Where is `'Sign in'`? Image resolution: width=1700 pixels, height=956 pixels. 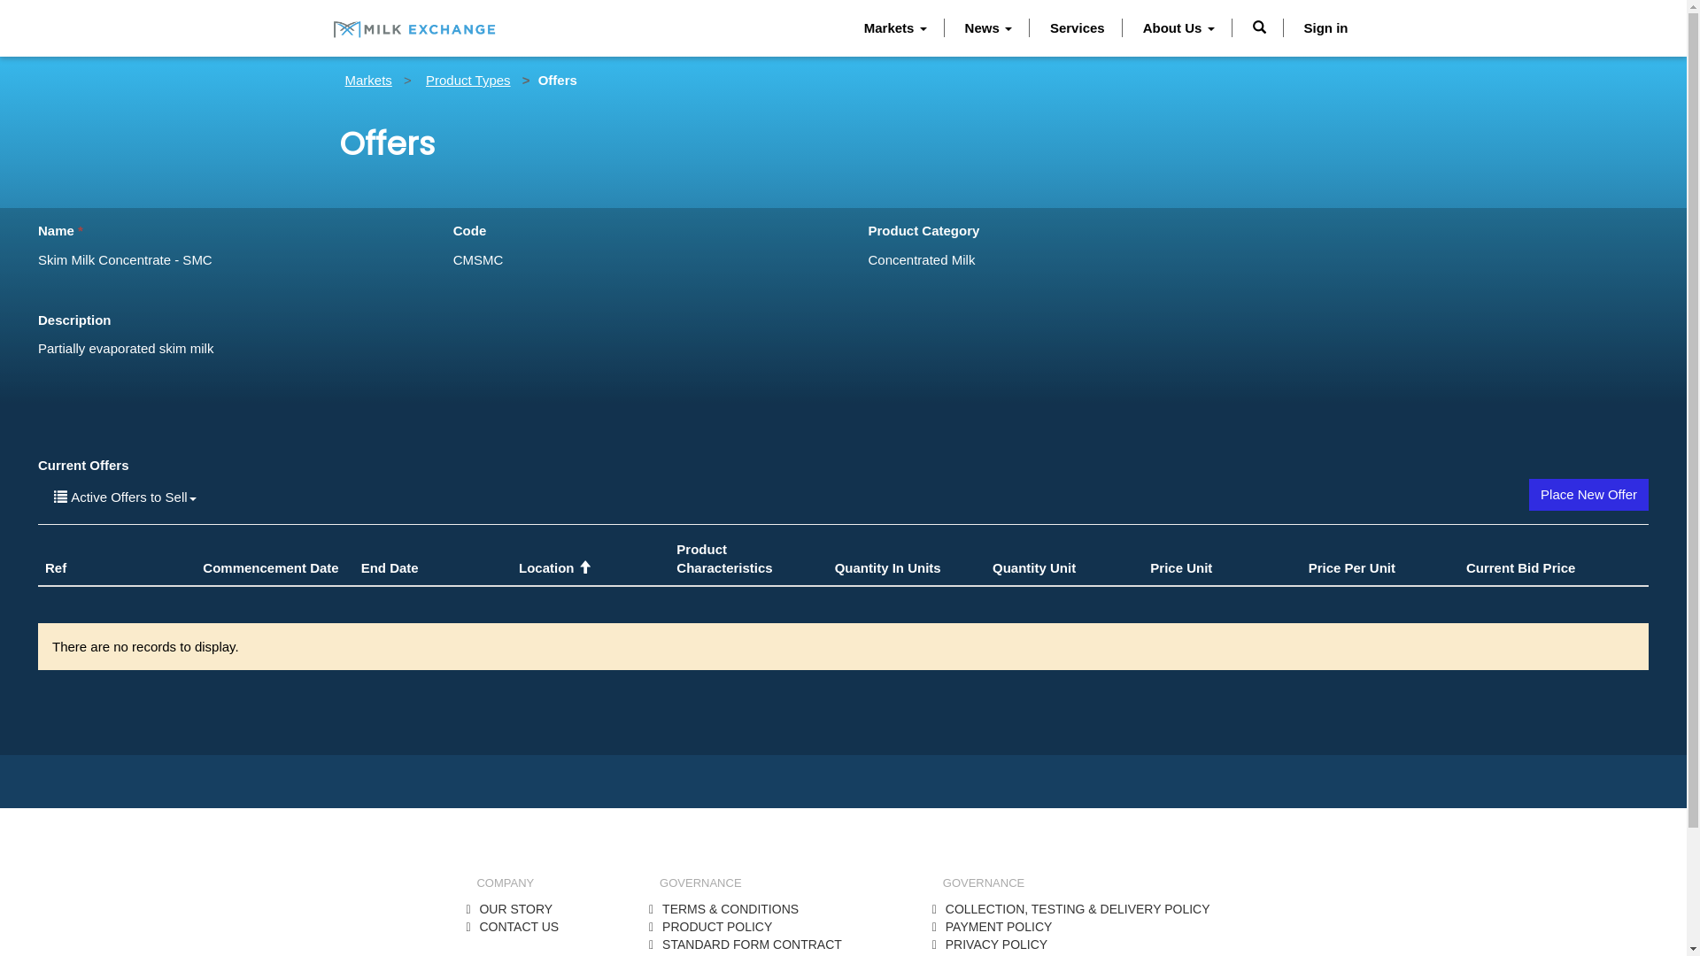
'Sign in' is located at coordinates (1325, 27).